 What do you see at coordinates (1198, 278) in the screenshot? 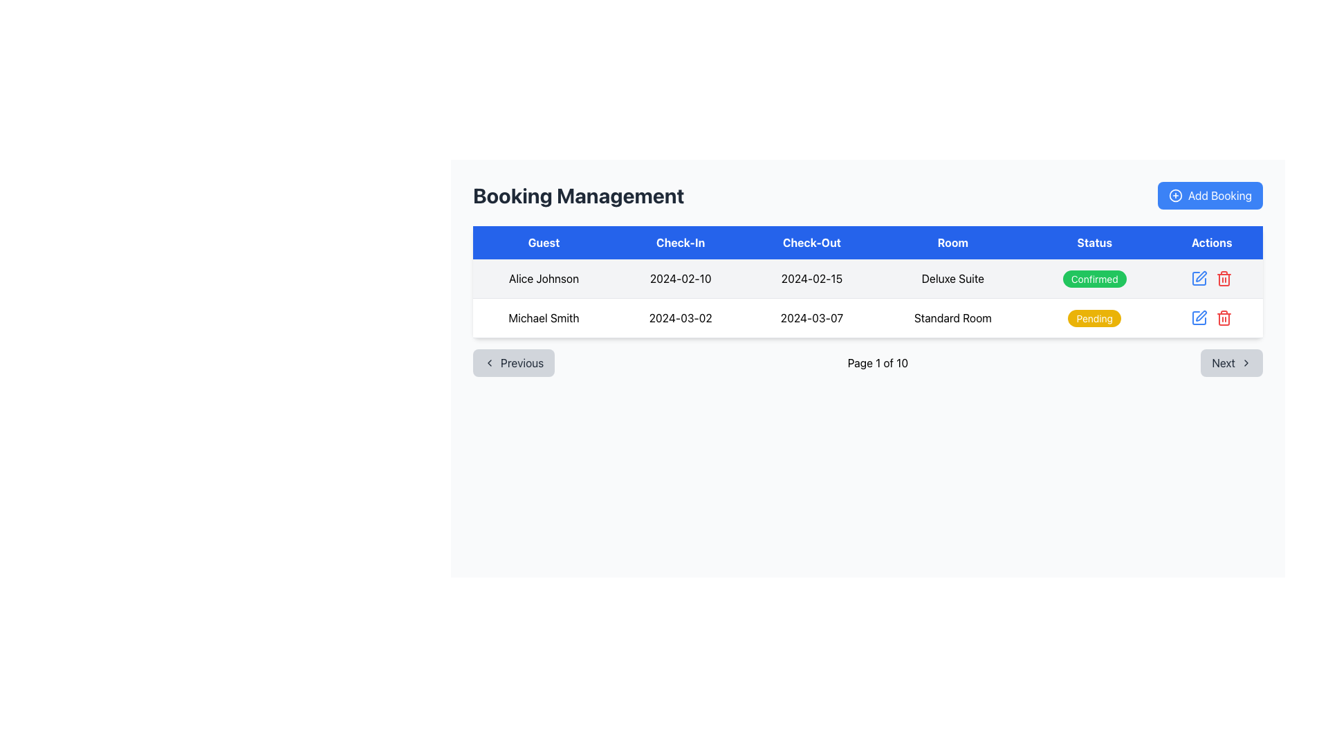
I see `the blue pen icon edit button located` at bounding box center [1198, 278].